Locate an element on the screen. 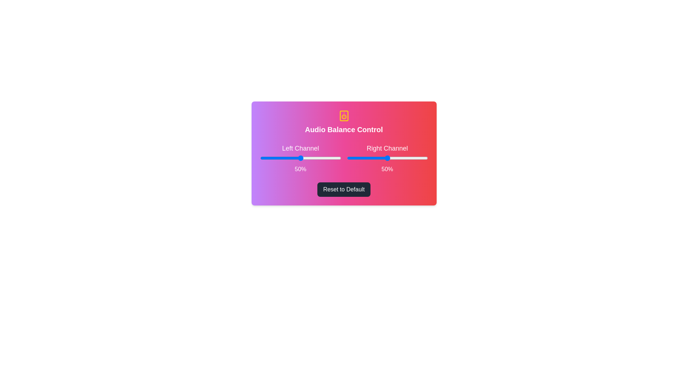  the 'Reset to Default' button to reset the audio balance to its default state is located at coordinates (343, 189).